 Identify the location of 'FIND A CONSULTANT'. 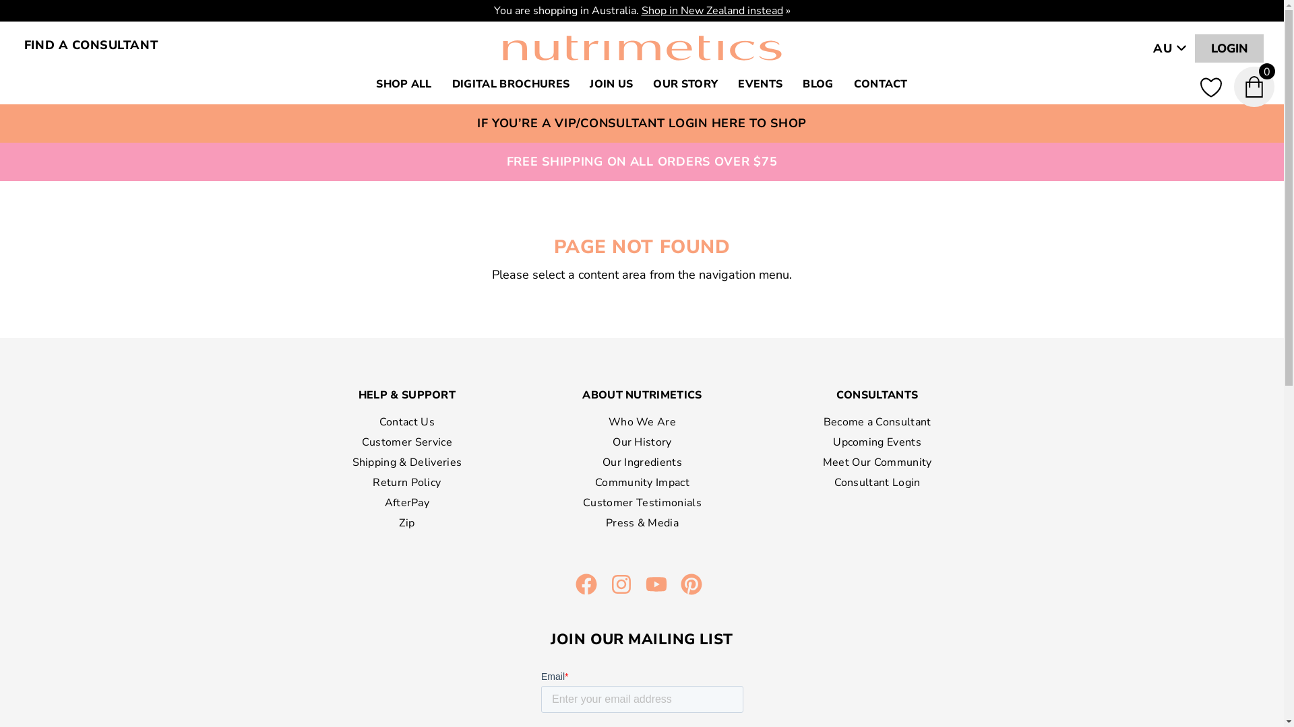
(90, 44).